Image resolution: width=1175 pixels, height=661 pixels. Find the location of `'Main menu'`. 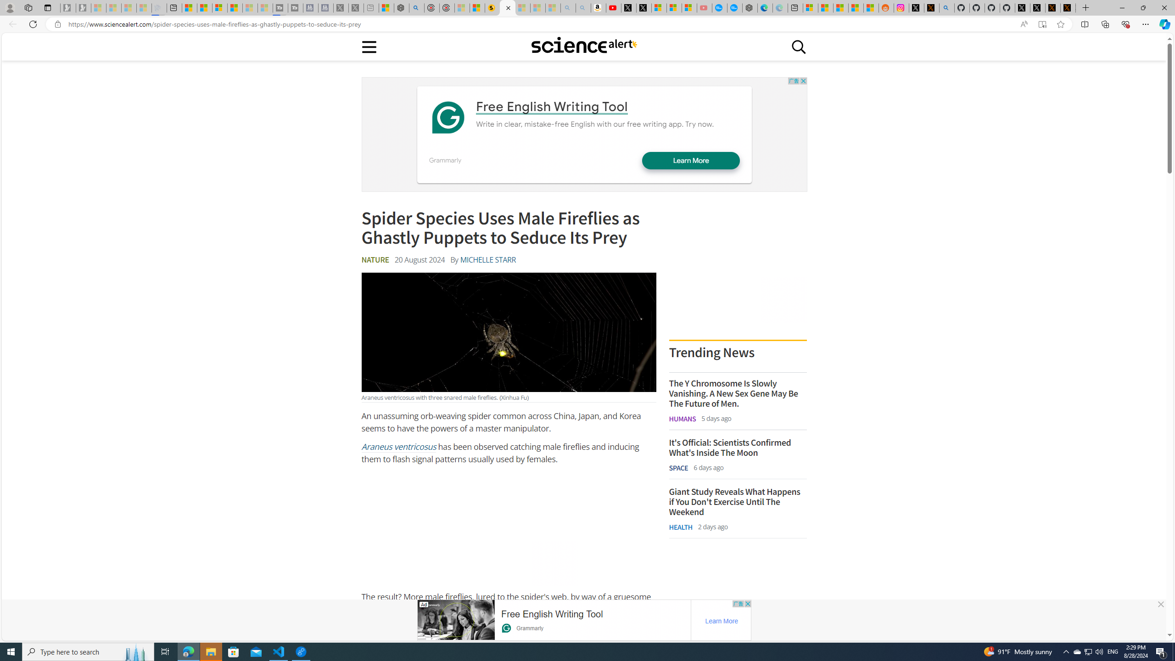

'Main menu' is located at coordinates (369, 46).